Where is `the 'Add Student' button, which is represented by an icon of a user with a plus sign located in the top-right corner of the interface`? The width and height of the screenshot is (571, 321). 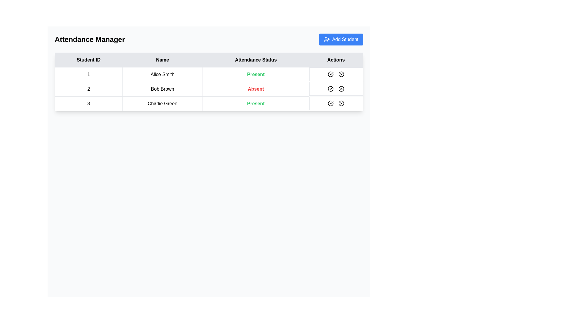 the 'Add Student' button, which is represented by an icon of a user with a plus sign located in the top-right corner of the interface is located at coordinates (327, 39).